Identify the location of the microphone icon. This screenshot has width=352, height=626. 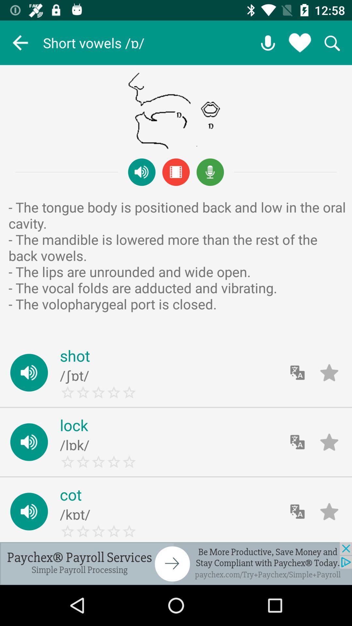
(268, 42).